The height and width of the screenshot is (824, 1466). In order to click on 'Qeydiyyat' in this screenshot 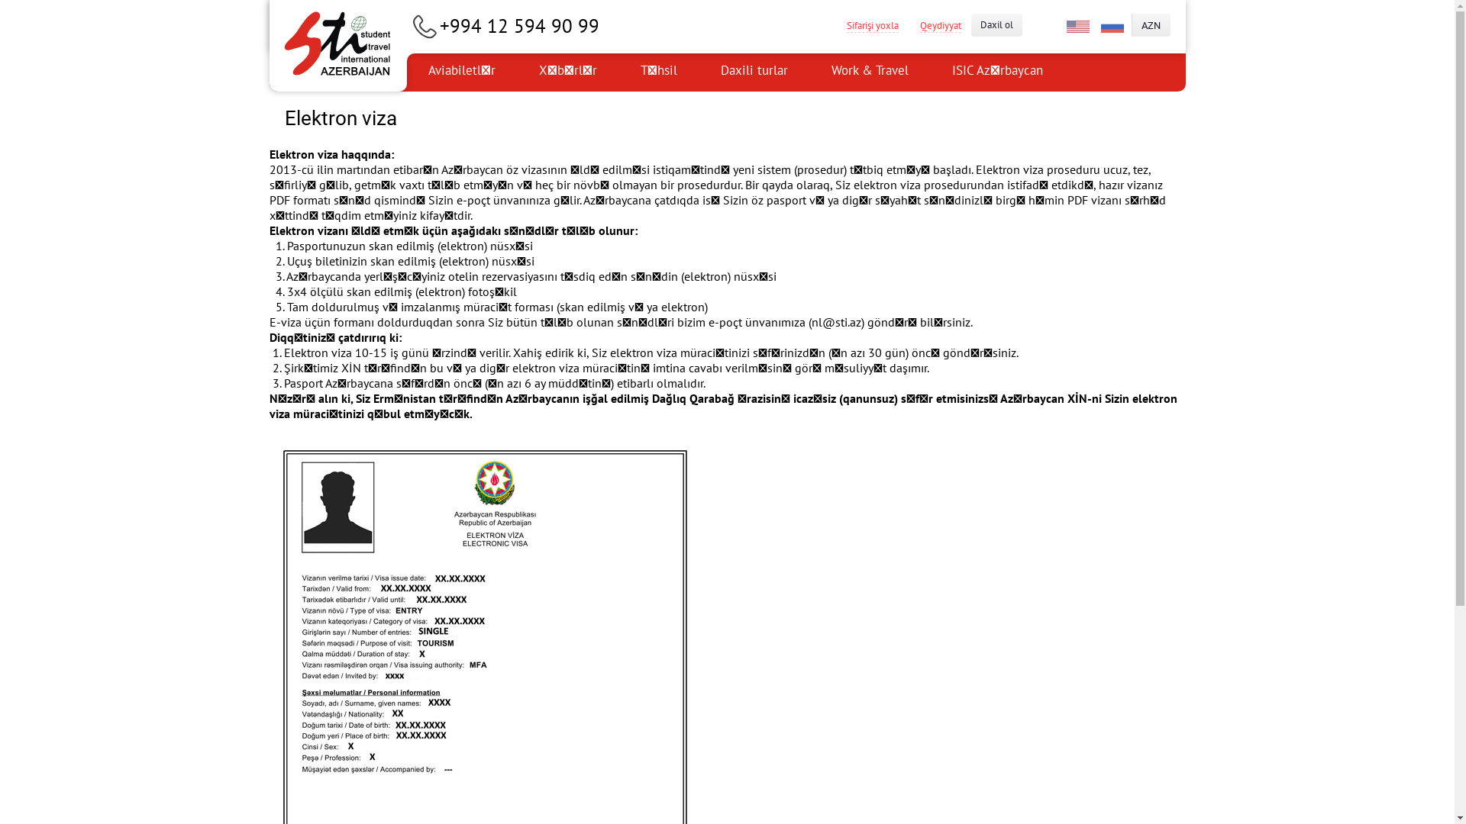, I will do `click(938, 25)`.